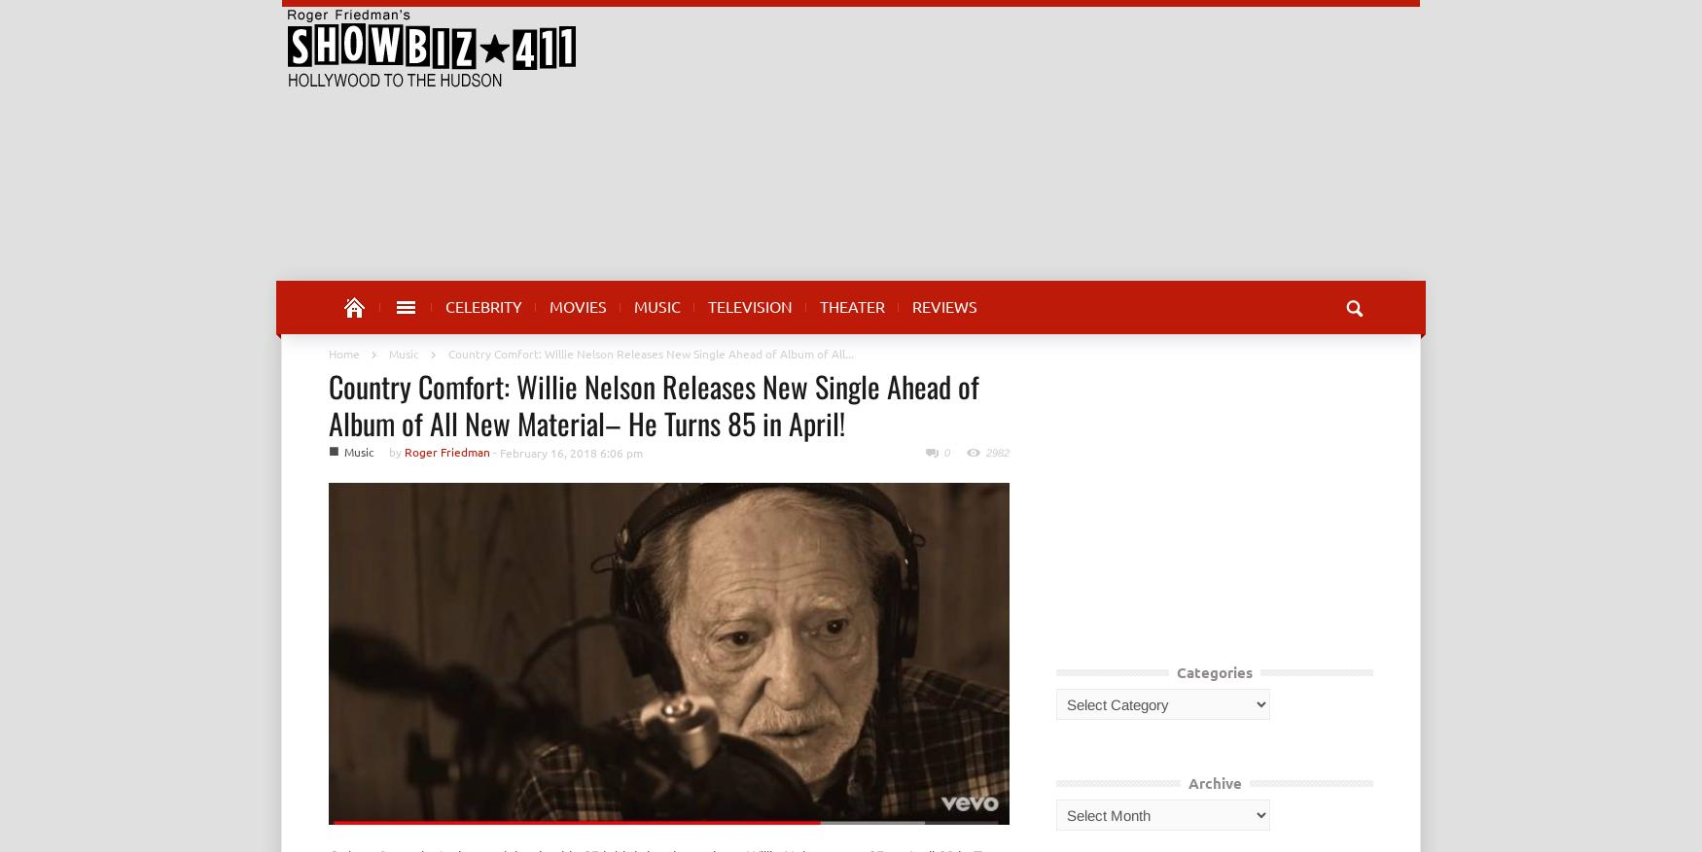 Image resolution: width=1702 pixels, height=852 pixels. I want to click on '2982', so click(995, 453).